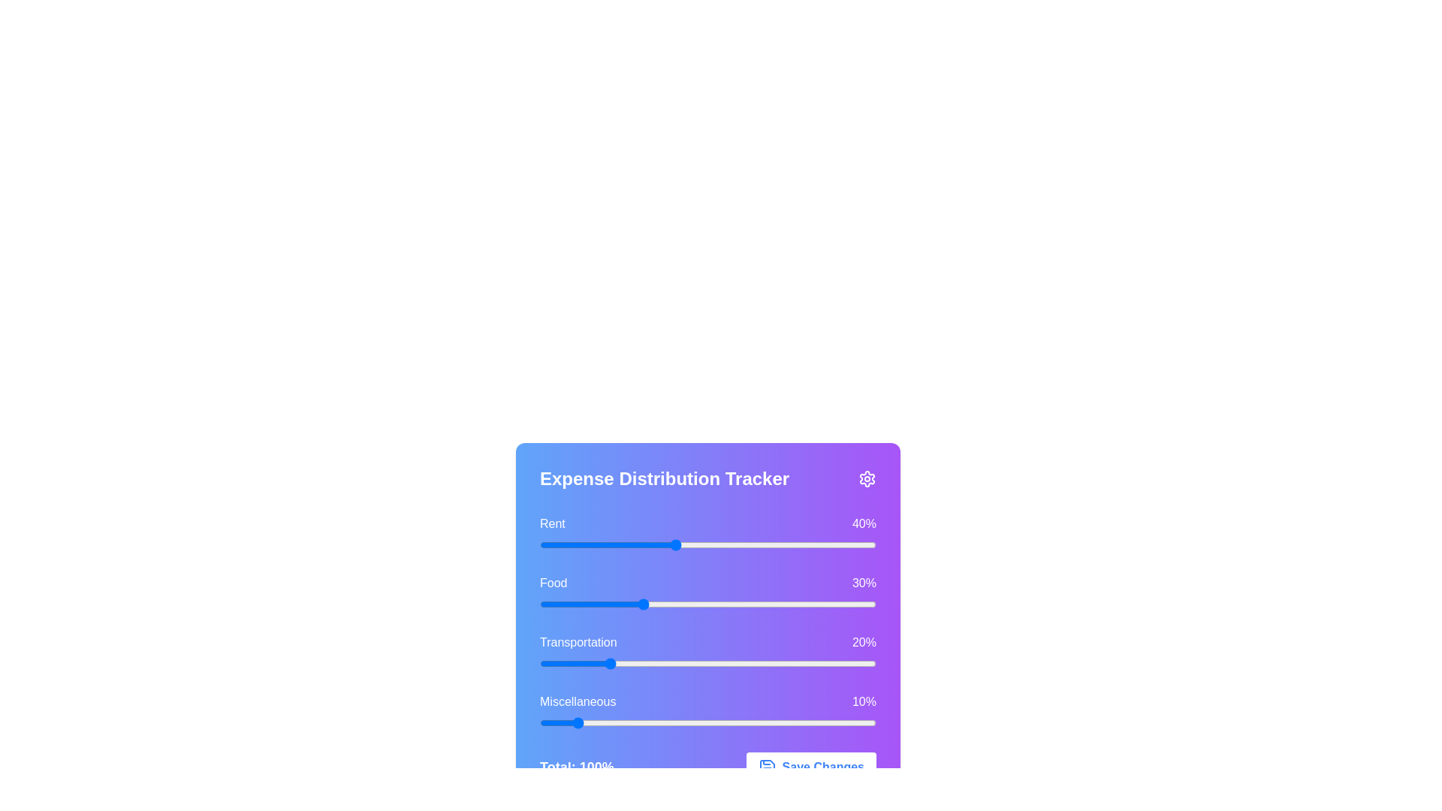 Image resolution: width=1442 pixels, height=811 pixels. I want to click on the 'Transportation' slider, so click(810, 662).